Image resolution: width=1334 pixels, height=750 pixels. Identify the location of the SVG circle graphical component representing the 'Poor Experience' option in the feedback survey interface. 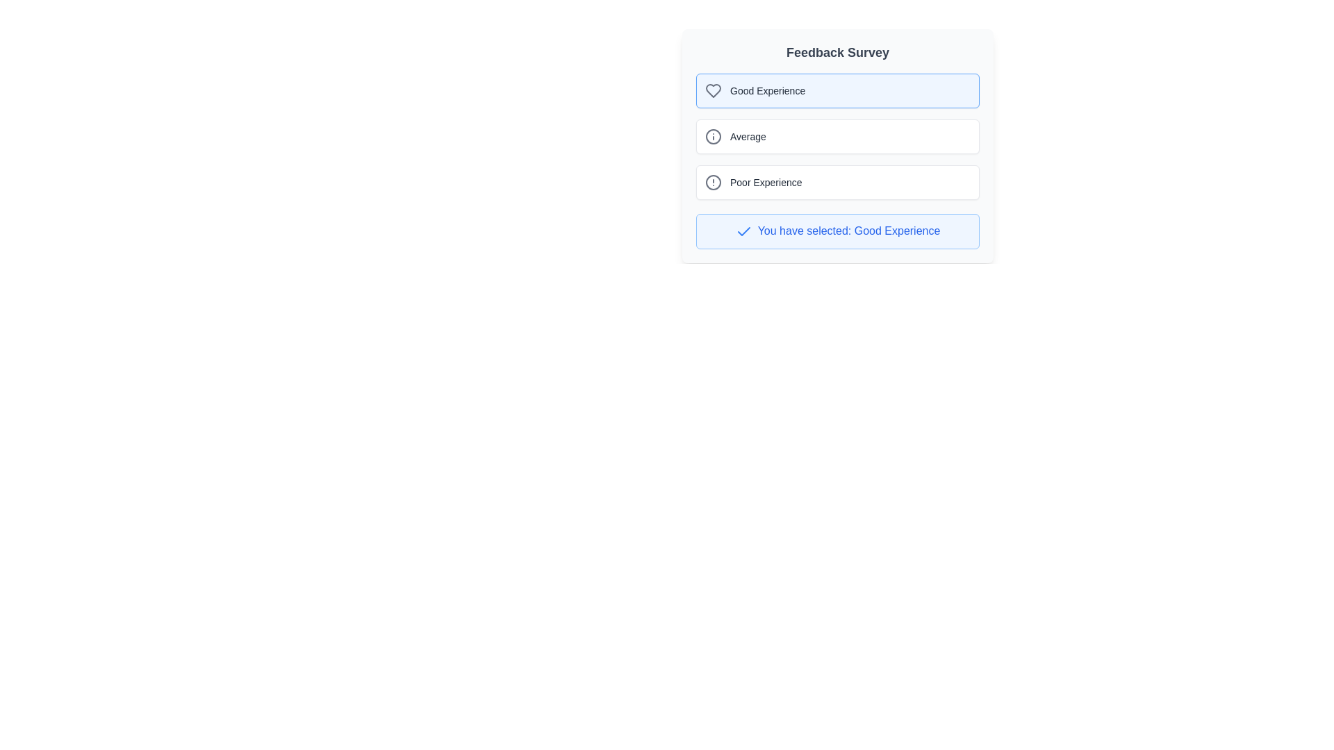
(714, 181).